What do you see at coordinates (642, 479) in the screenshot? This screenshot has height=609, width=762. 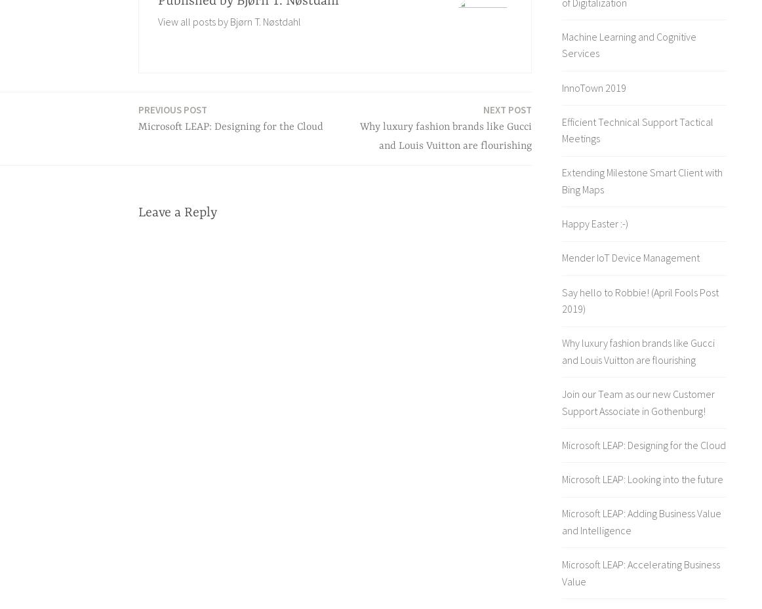 I see `'Microsoft LEAP: Looking into the future'` at bounding box center [642, 479].